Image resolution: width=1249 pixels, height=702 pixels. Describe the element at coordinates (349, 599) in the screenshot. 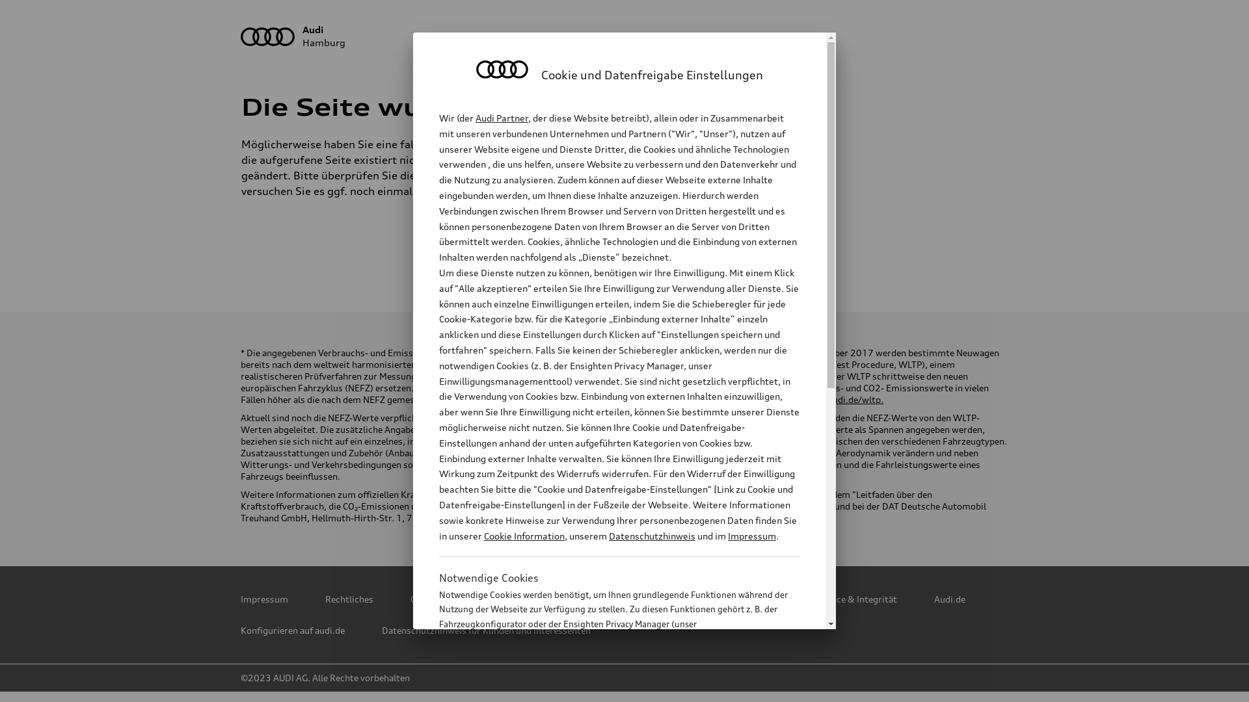

I see `'Rechtliches'` at that location.